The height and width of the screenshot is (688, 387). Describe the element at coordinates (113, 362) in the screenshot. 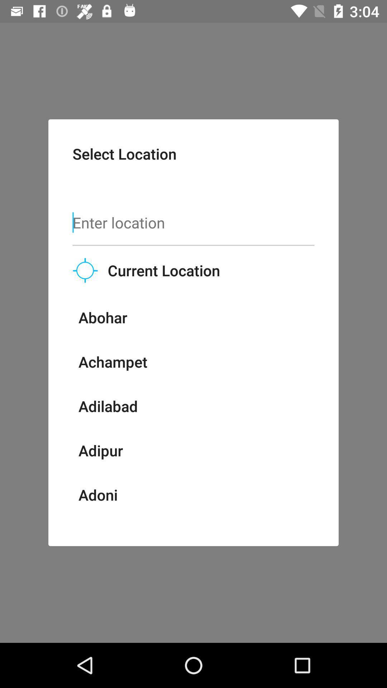

I see `the icon above adilabad item` at that location.